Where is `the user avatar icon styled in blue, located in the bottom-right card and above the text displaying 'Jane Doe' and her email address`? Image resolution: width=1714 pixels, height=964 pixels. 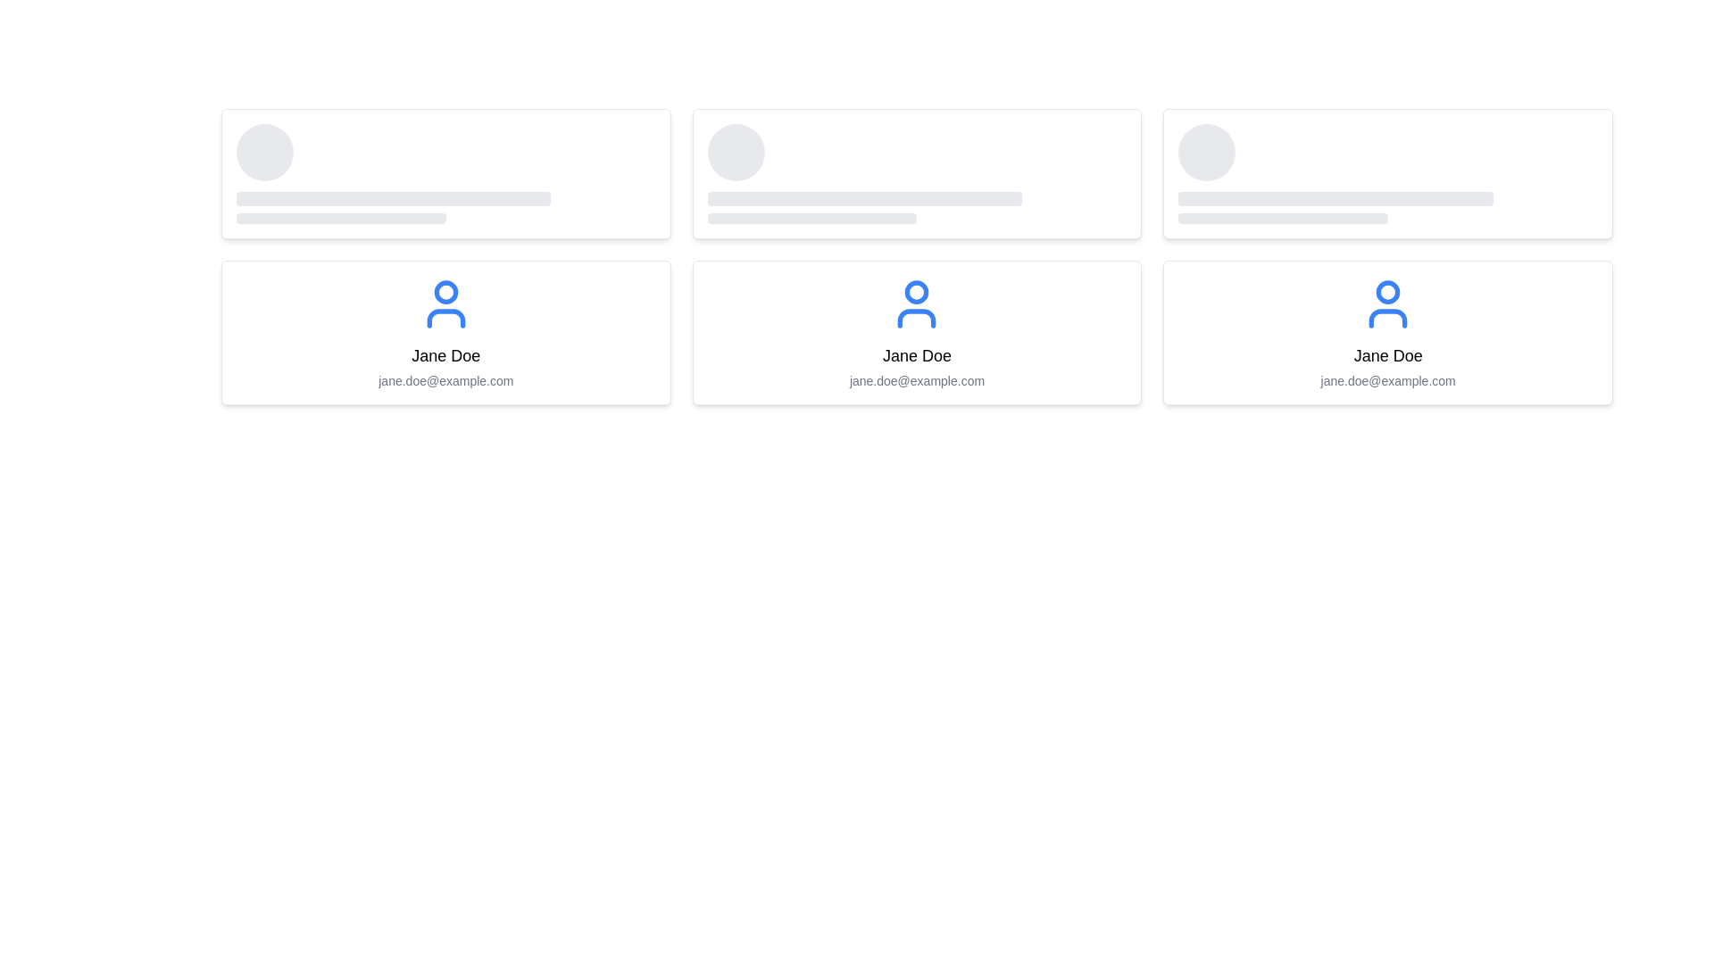 the user avatar icon styled in blue, located in the bottom-right card and above the text displaying 'Jane Doe' and her email address is located at coordinates (1387, 303).